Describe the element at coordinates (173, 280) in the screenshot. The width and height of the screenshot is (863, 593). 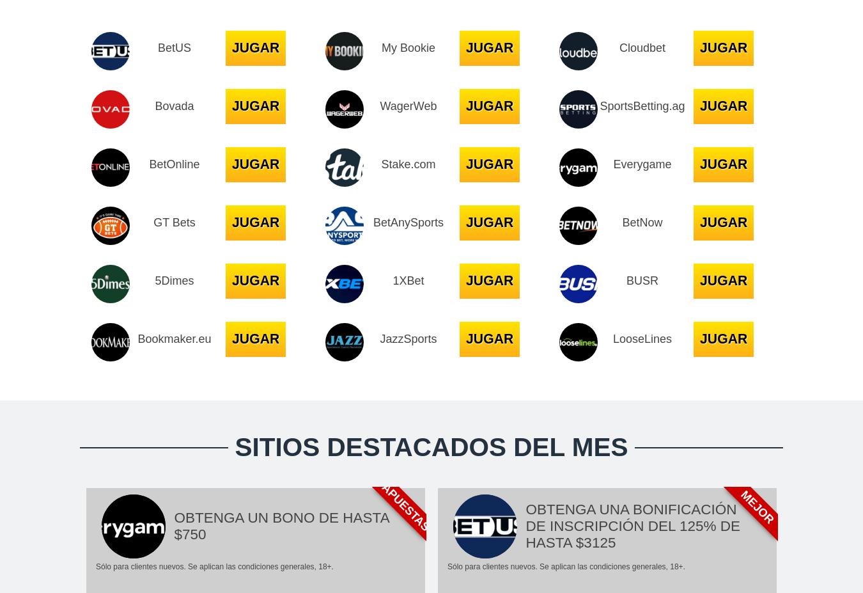
I see `'5Dimes'` at that location.